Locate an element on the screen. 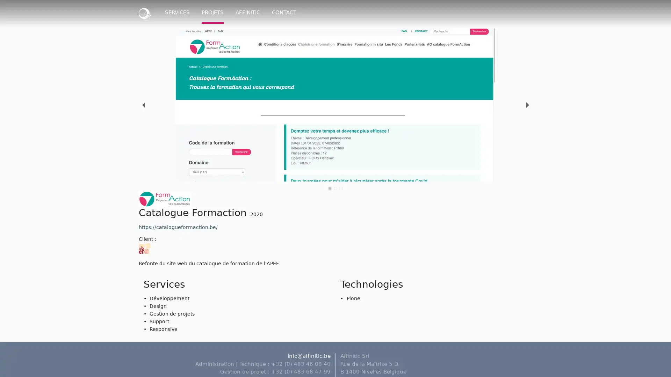  previous slide / item is located at coordinates (143, 124).